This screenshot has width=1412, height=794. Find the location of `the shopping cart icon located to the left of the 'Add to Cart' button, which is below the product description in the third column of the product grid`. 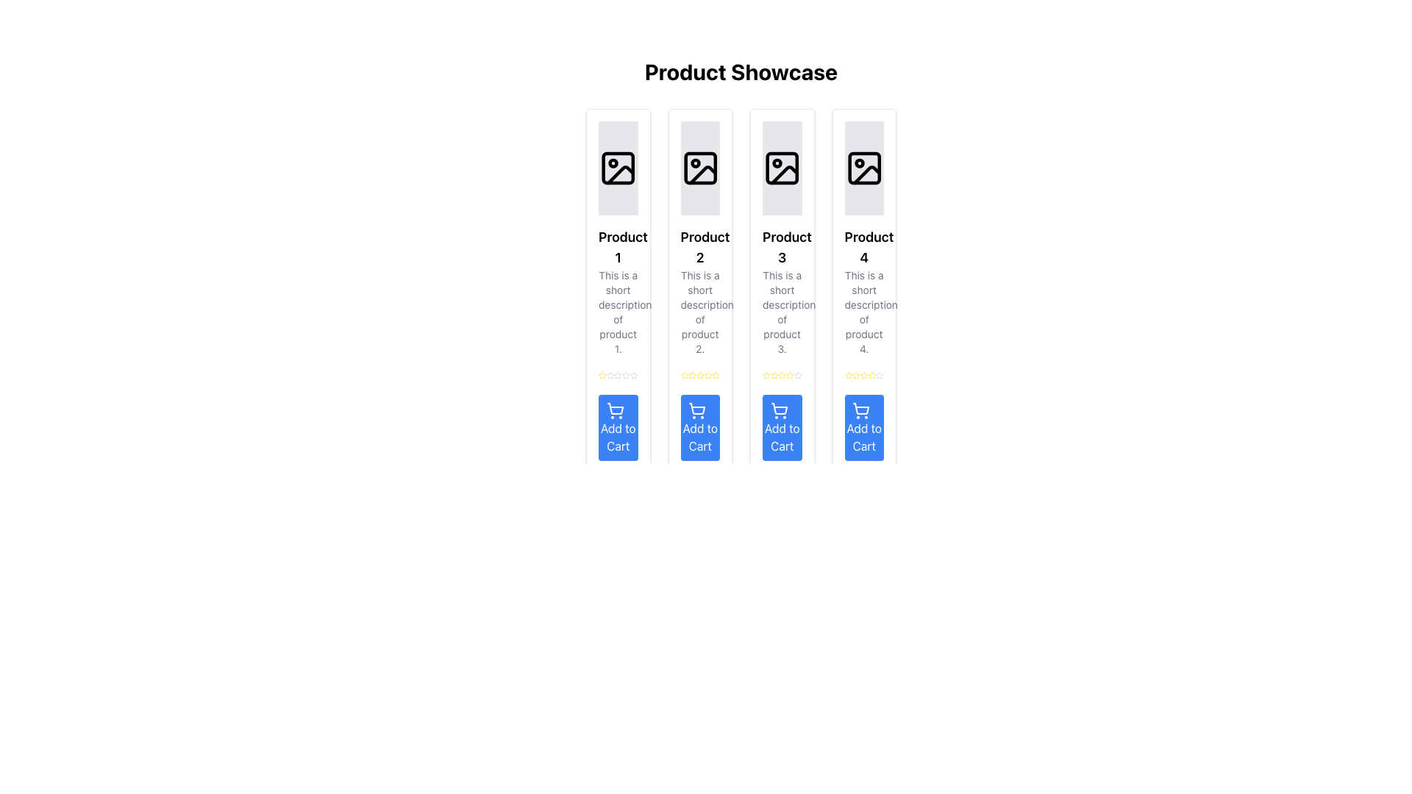

the shopping cart icon located to the left of the 'Add to Cart' button, which is below the product description in the third column of the product grid is located at coordinates (778, 410).